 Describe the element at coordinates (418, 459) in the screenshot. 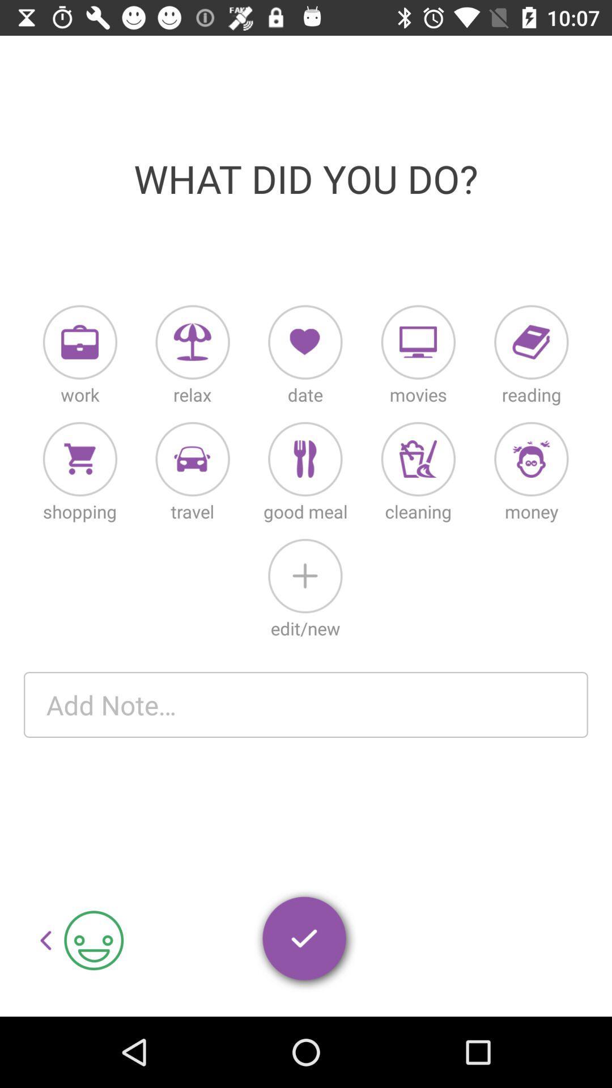

I see `cleaning button` at that location.